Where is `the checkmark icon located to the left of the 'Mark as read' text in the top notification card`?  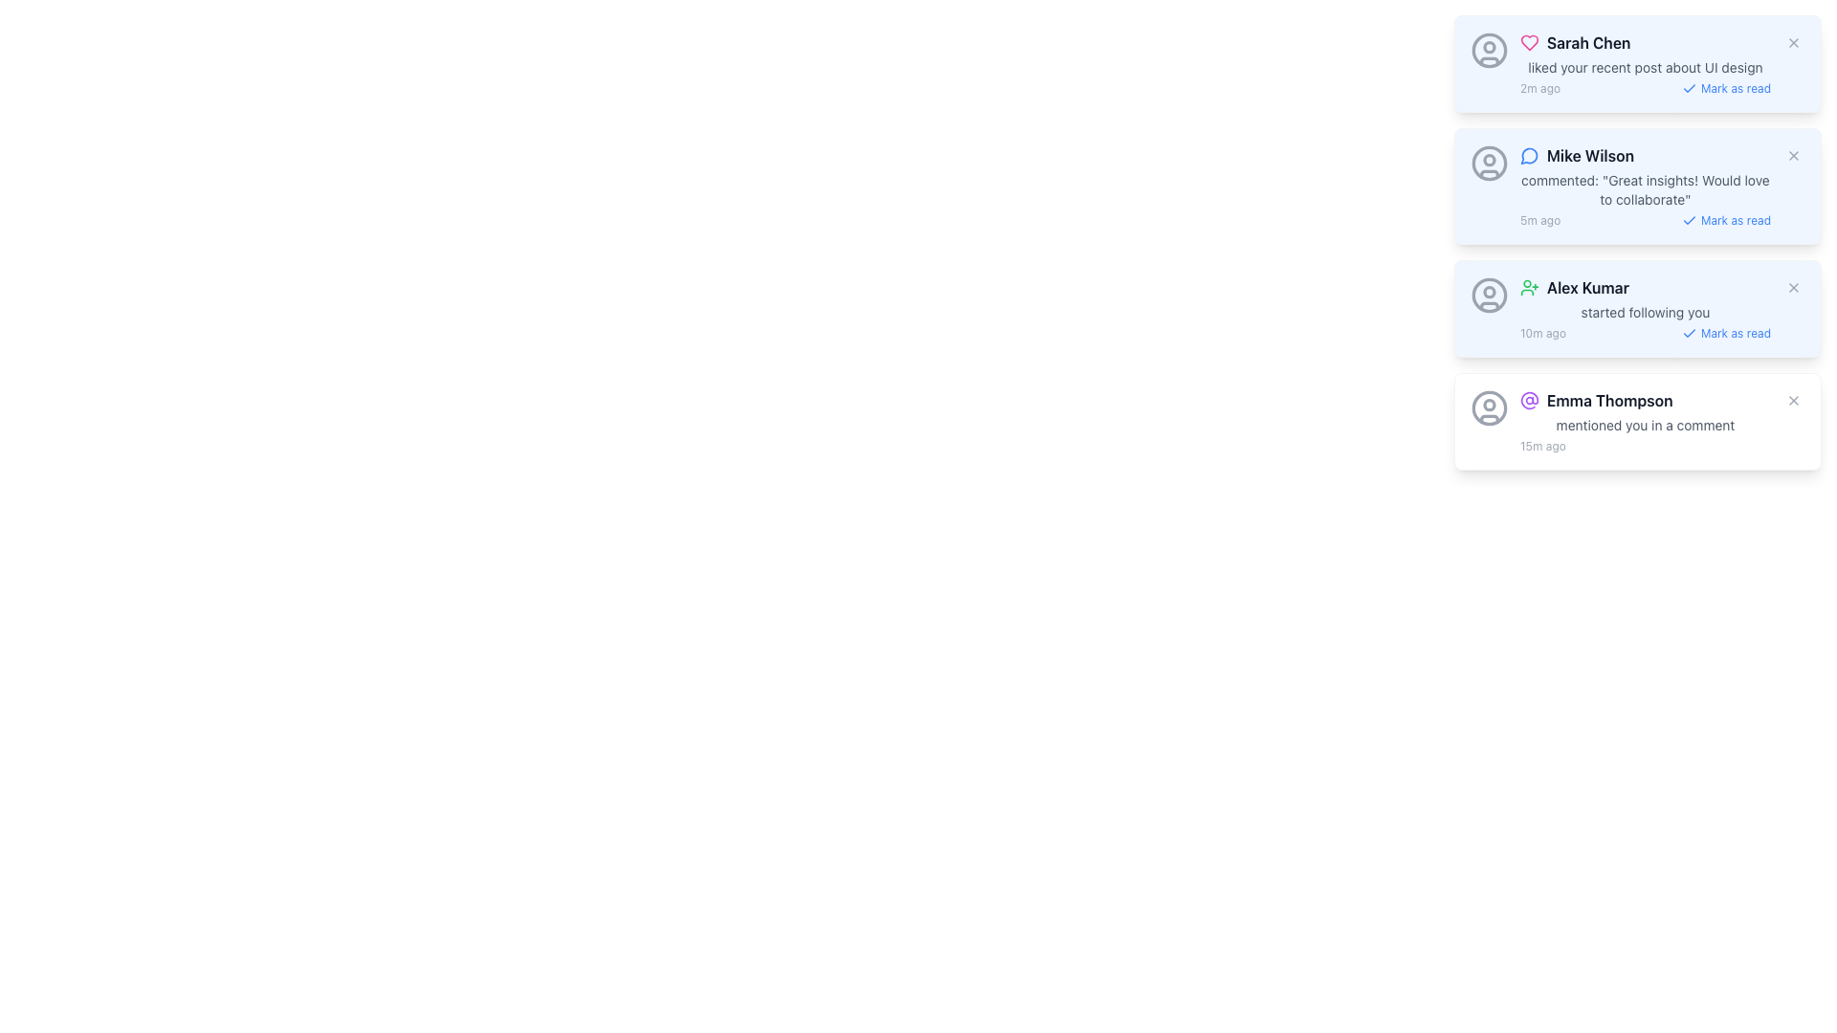 the checkmark icon located to the left of the 'Mark as read' text in the top notification card is located at coordinates (1689, 88).